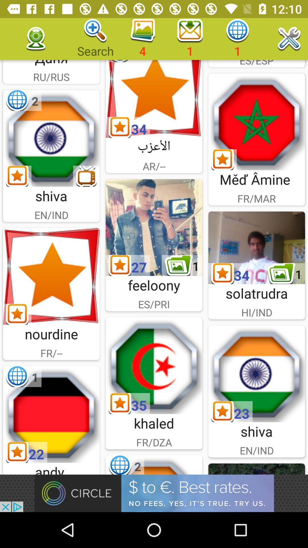  Describe the element at coordinates (154, 493) in the screenshot. I see `open advertisement` at that location.